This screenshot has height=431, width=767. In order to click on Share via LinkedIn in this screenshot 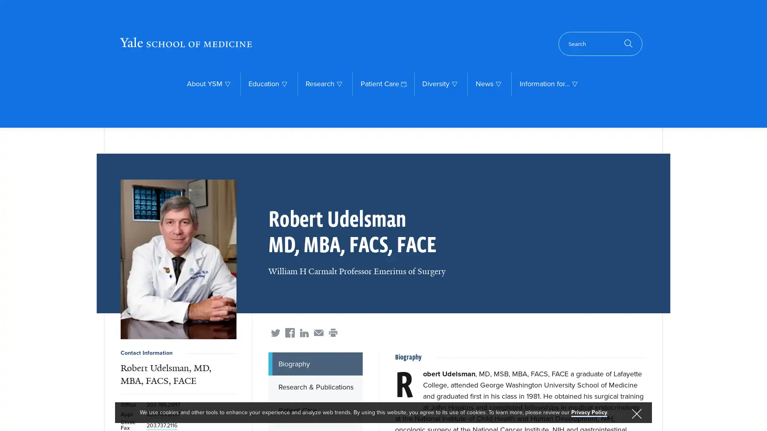, I will do `click(304, 332)`.